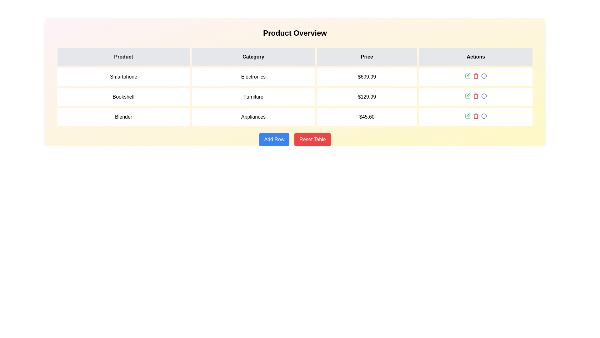  What do you see at coordinates (367, 57) in the screenshot?
I see `the Table Header Cell that labels the 'Price' column, located in the header row of the table between the 'Category' and 'Actions' columns` at bounding box center [367, 57].